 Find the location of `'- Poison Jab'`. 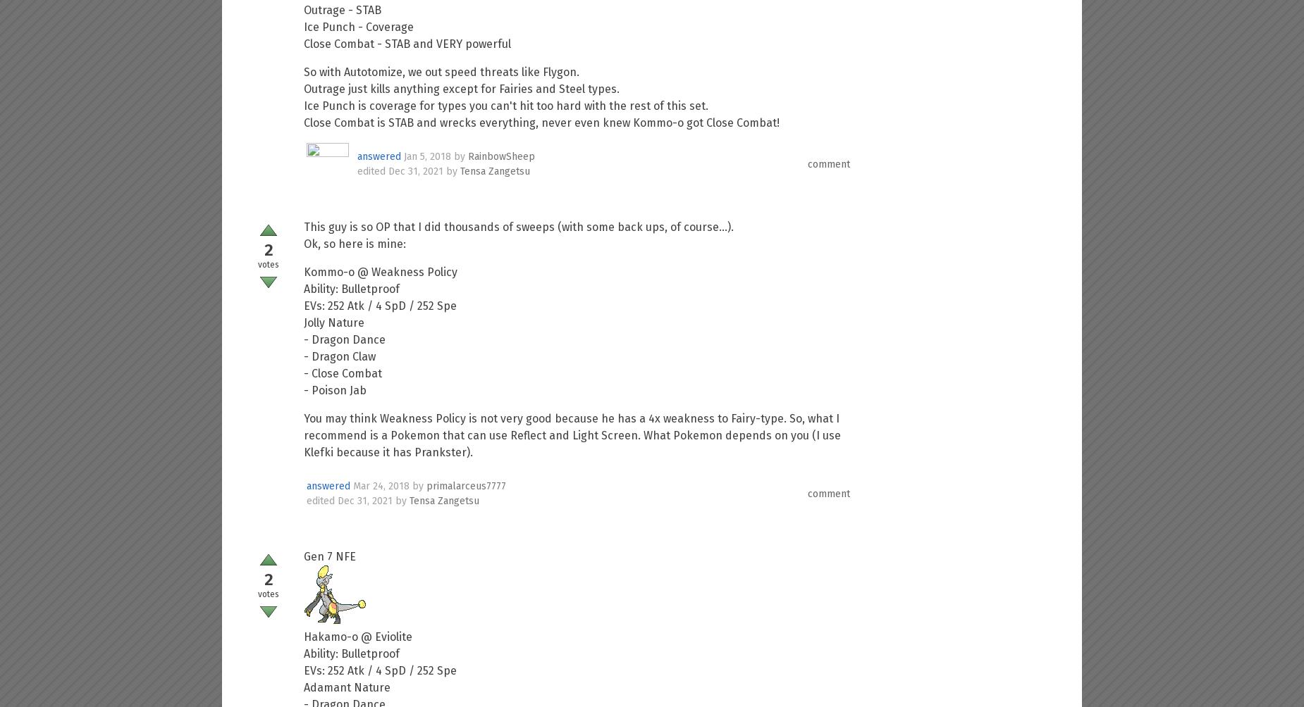

'- Poison Jab' is located at coordinates (335, 390).